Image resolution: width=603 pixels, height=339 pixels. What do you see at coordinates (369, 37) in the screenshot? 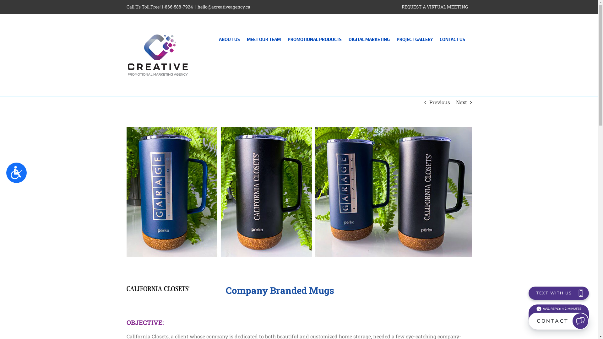
I see `'DIGITAL MARKETING'` at bounding box center [369, 37].